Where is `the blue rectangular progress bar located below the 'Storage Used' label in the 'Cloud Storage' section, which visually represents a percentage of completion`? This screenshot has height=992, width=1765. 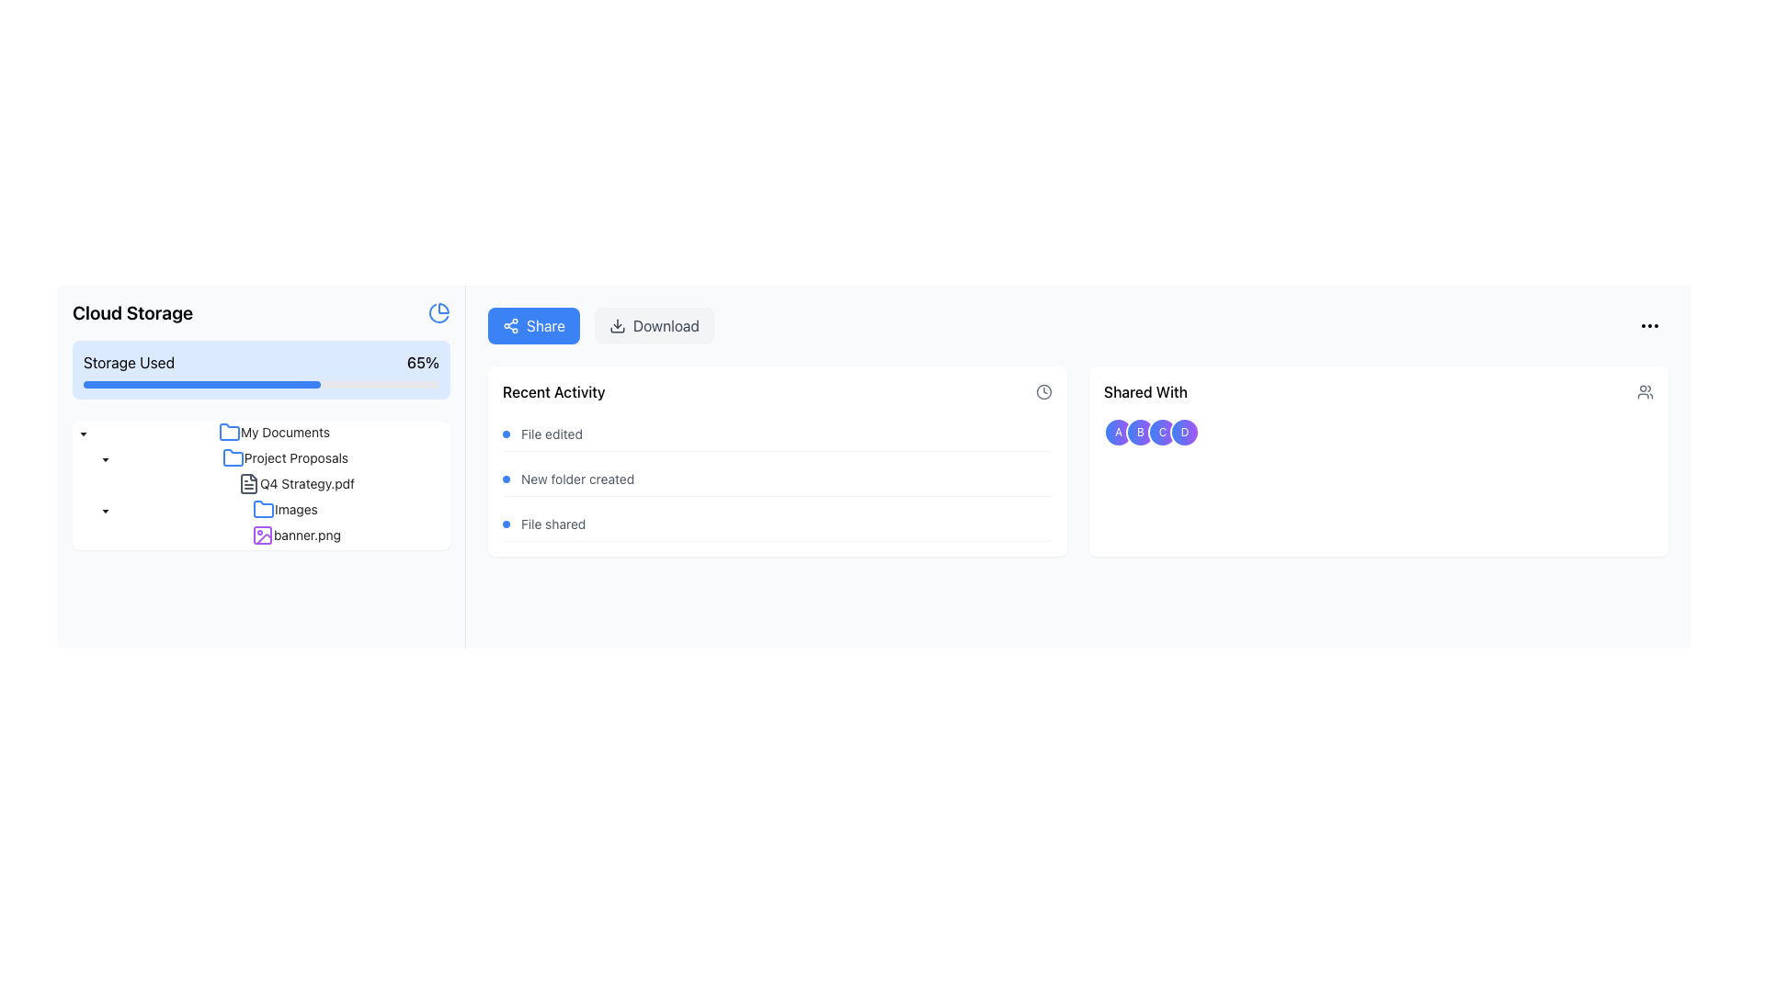 the blue rectangular progress bar located below the 'Storage Used' label in the 'Cloud Storage' section, which visually represents a percentage of completion is located at coordinates (202, 384).